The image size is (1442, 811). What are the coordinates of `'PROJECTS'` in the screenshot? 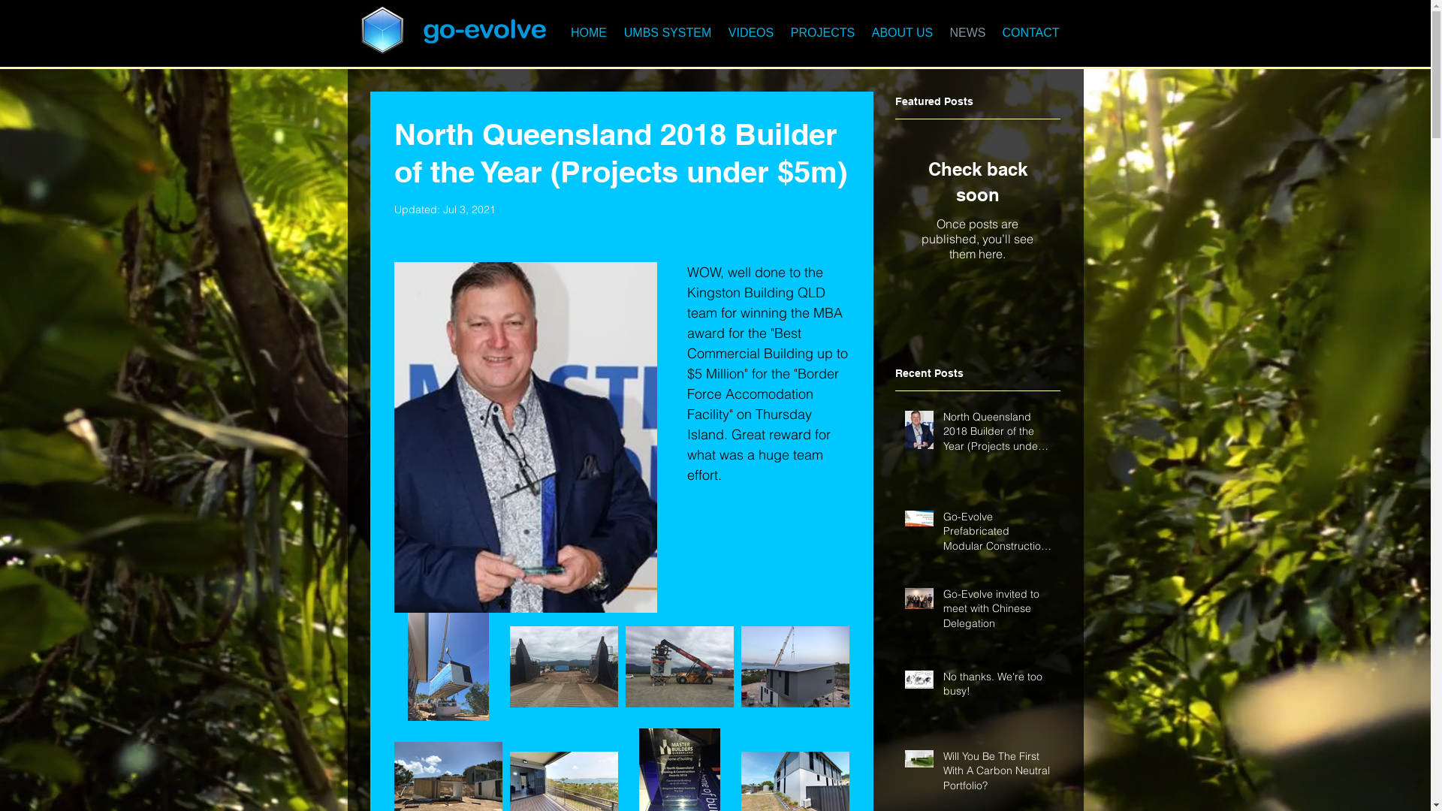 It's located at (822, 32).